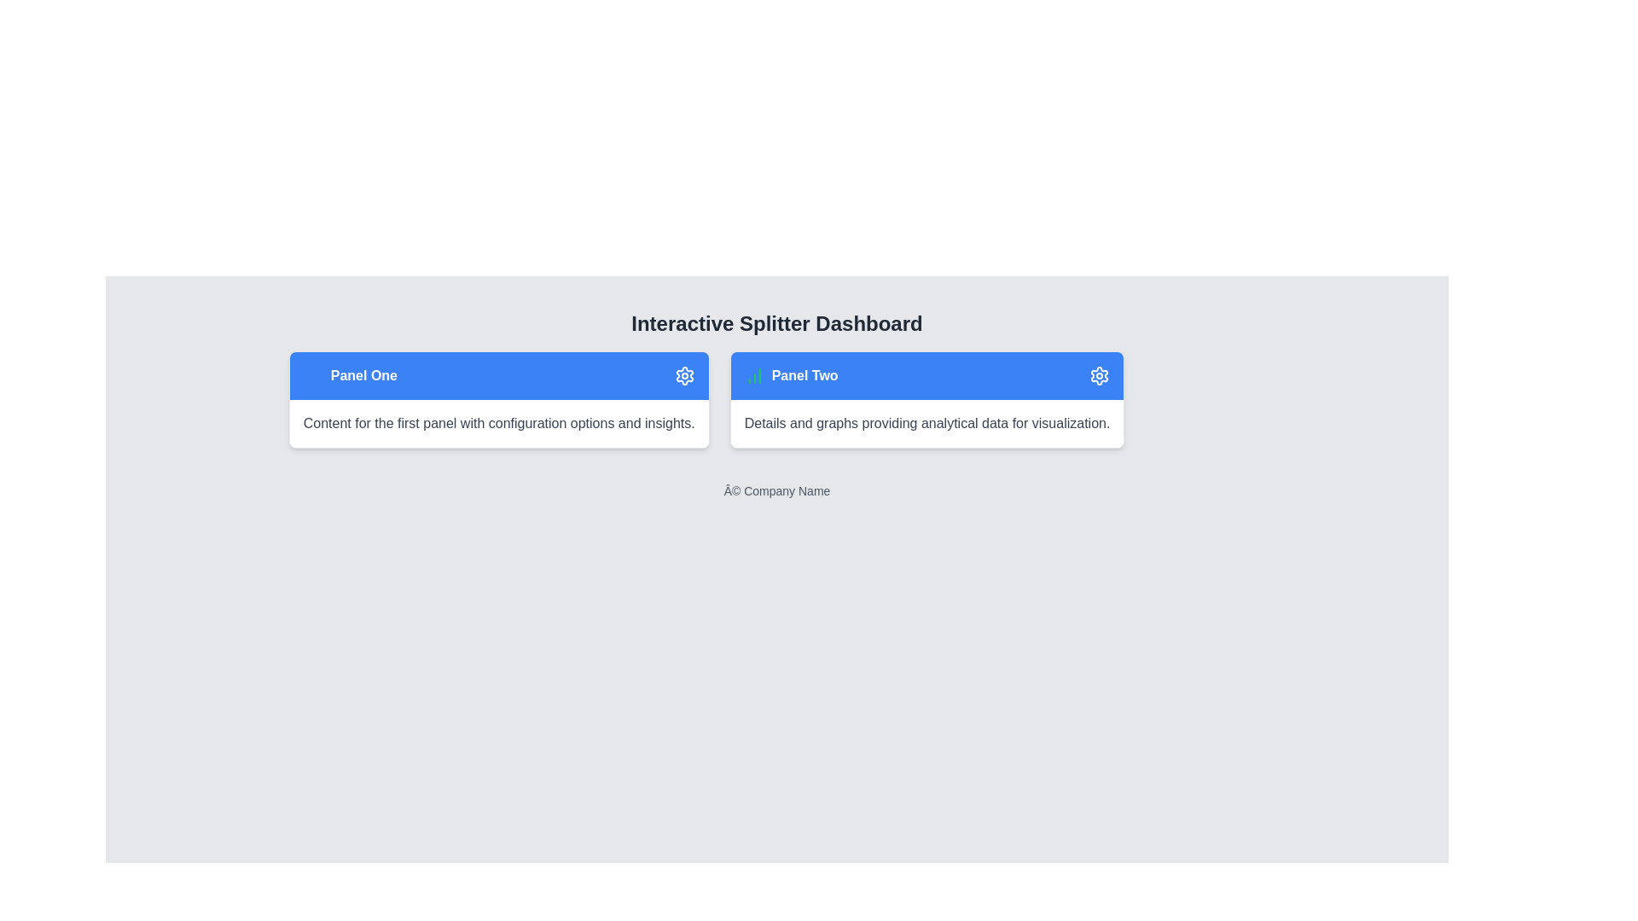  I want to click on the title element in the top-left corner of the blue header section, so click(349, 374).